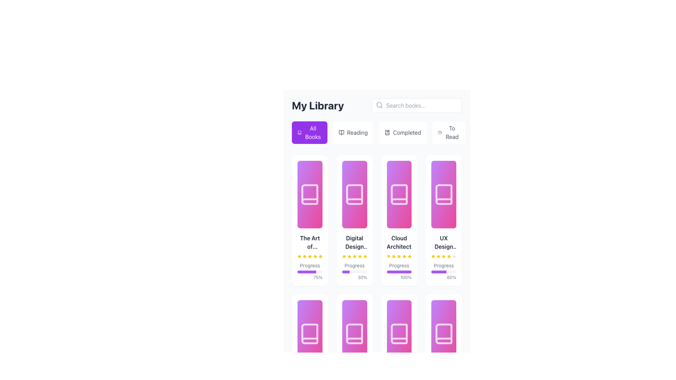 This screenshot has width=676, height=380. What do you see at coordinates (355, 256) in the screenshot?
I see `the third star icon in the rating section under the book titled 'Digital Design..'` at bounding box center [355, 256].